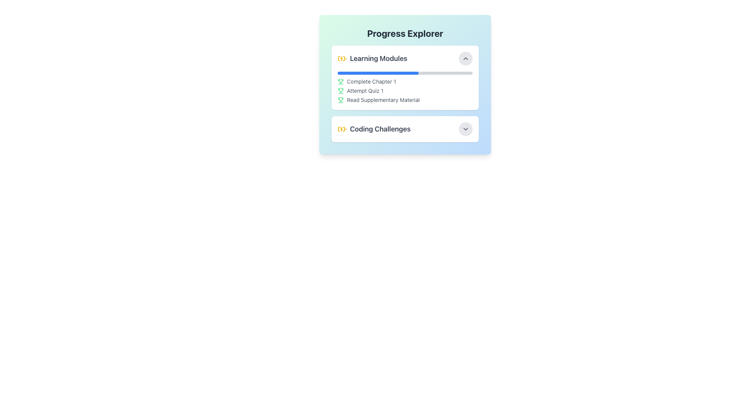 The height and width of the screenshot is (414, 736). I want to click on the blue filled progress bar located in the 'Learning Modules' section, which is beneath the title and above the list of activities, so click(378, 73).